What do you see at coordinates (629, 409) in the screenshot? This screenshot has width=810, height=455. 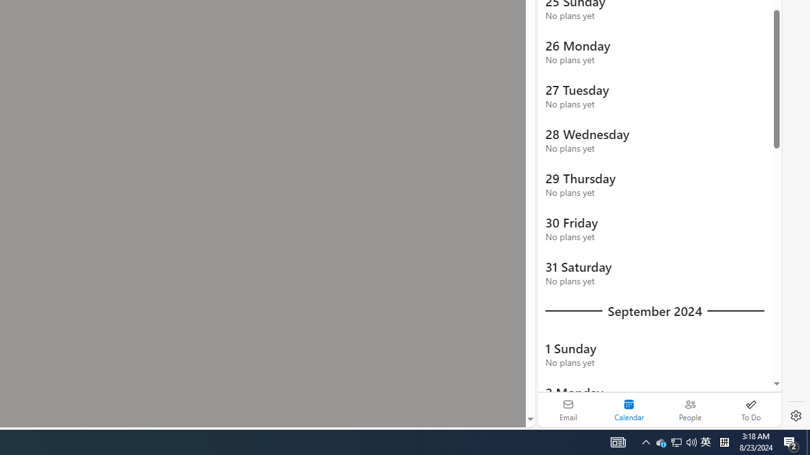 I see `'Selected calendar module. Date today is 22'` at bounding box center [629, 409].